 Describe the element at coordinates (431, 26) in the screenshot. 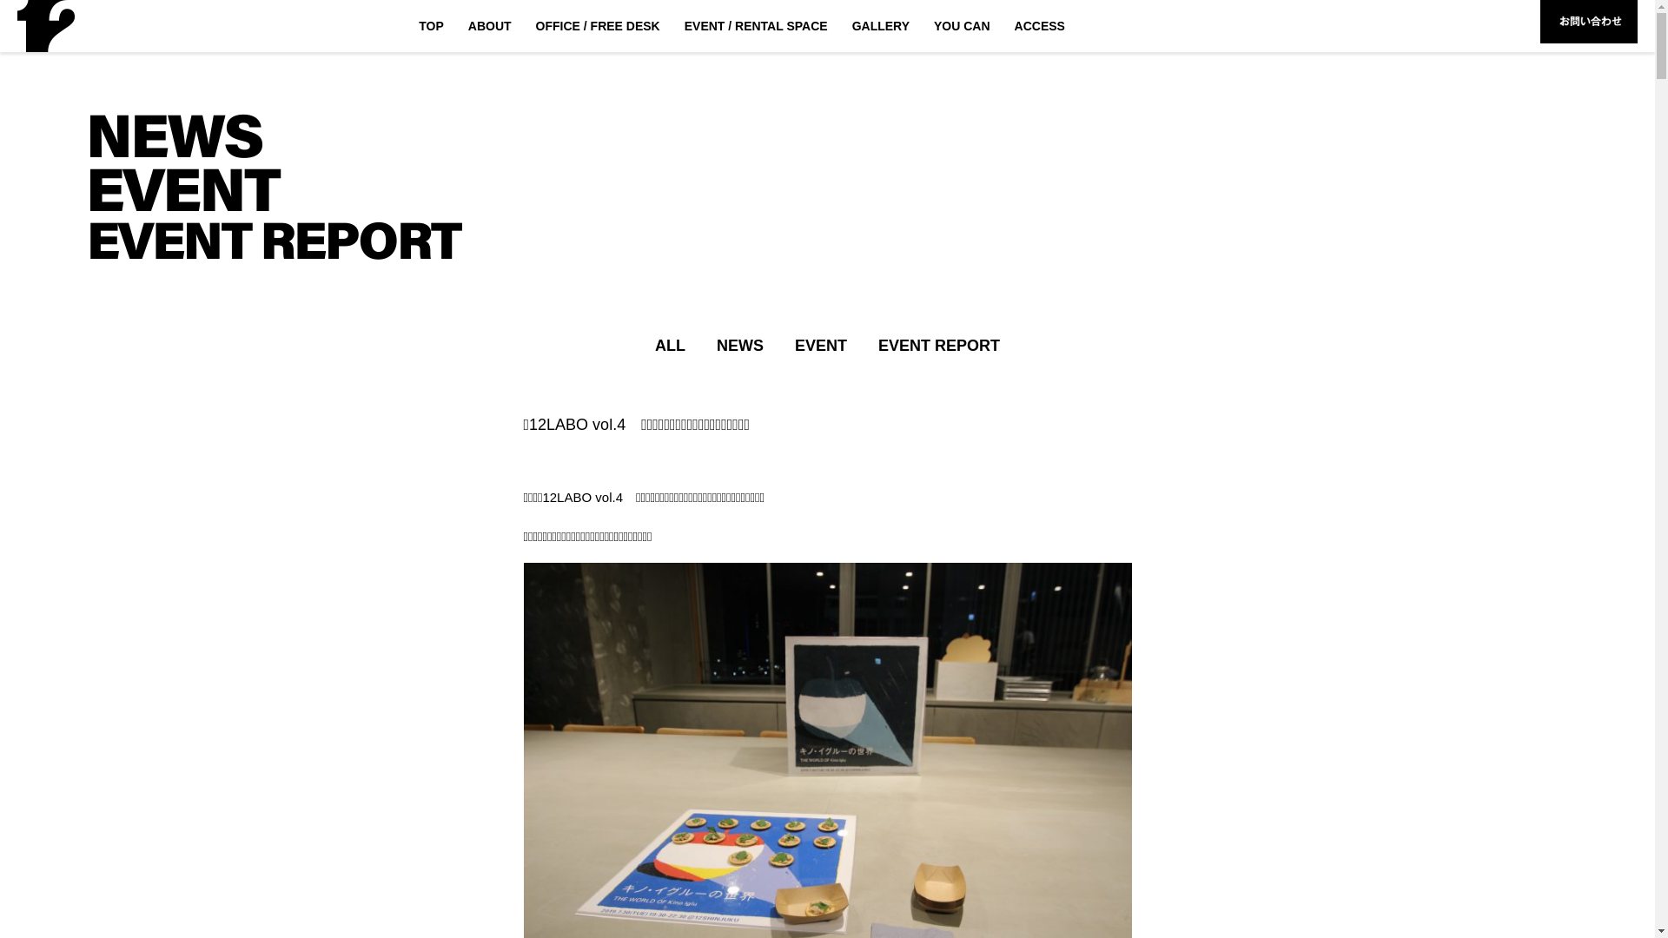

I see `'TOP'` at that location.